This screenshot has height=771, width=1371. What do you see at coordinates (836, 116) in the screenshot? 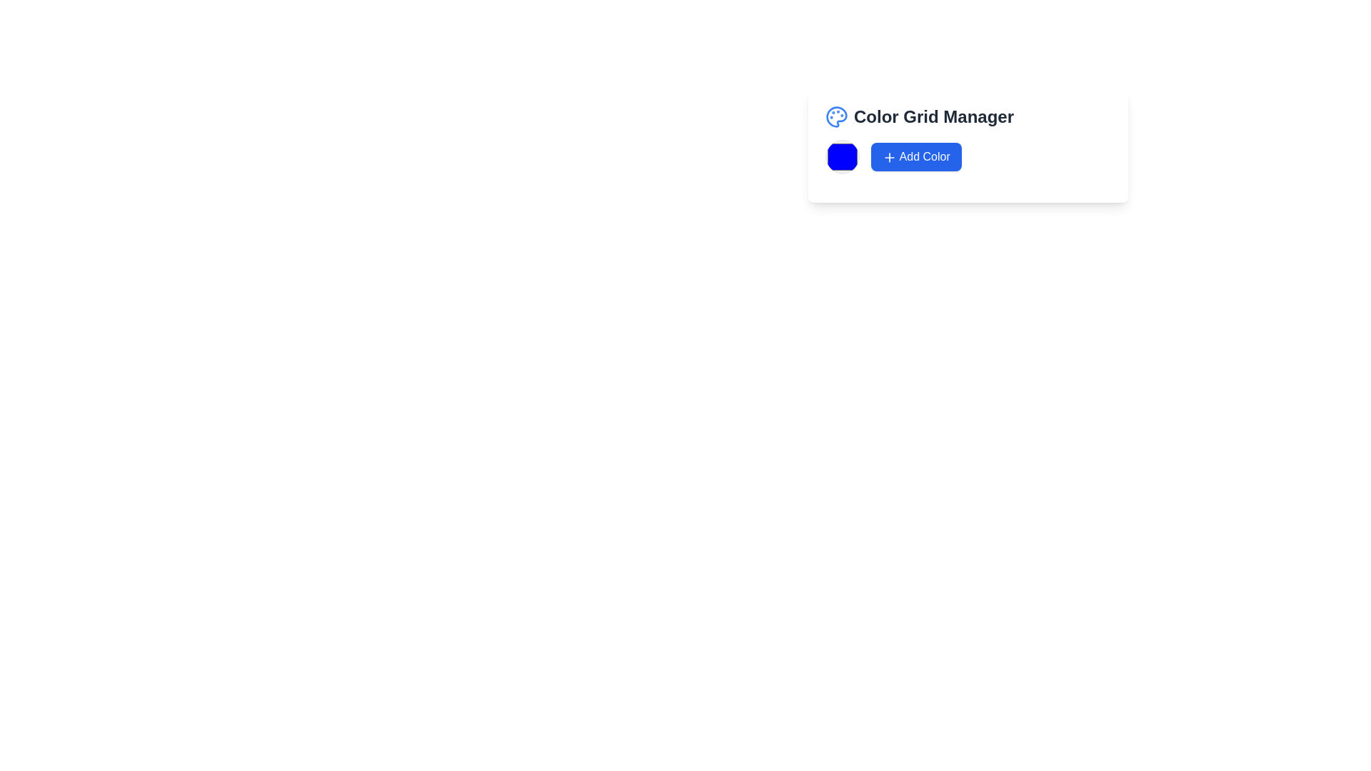
I see `the palette icon representing the 'Color Grid Manager' functionality, located to the left of the 'Color Grid Manager' text` at bounding box center [836, 116].